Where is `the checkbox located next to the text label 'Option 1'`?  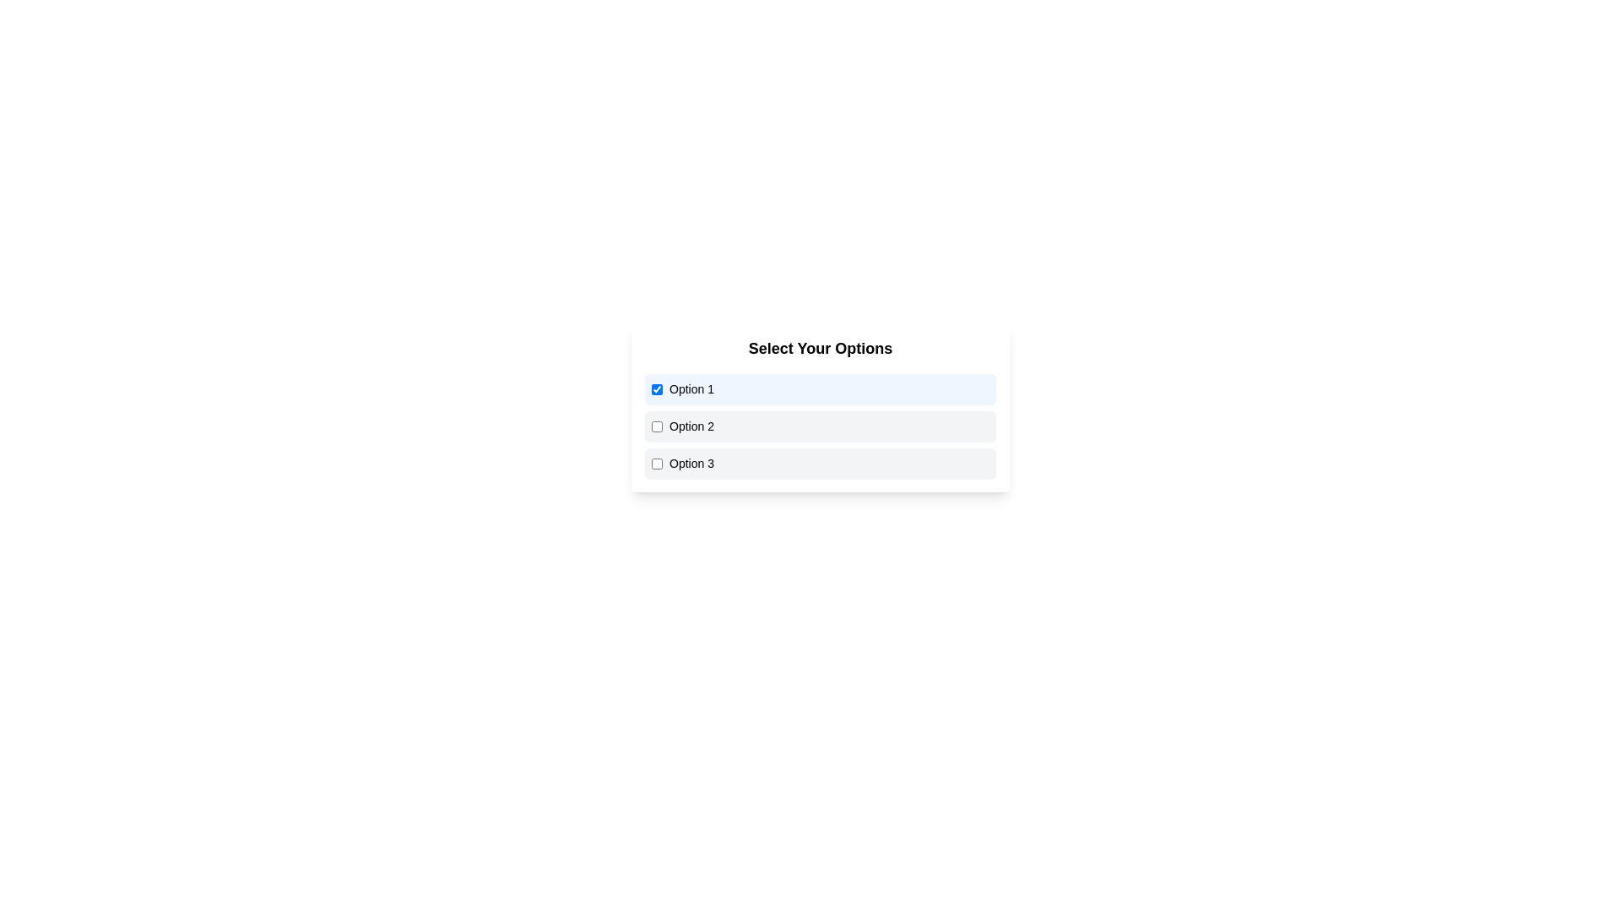
the checkbox located next to the text label 'Option 1' is located at coordinates (656, 389).